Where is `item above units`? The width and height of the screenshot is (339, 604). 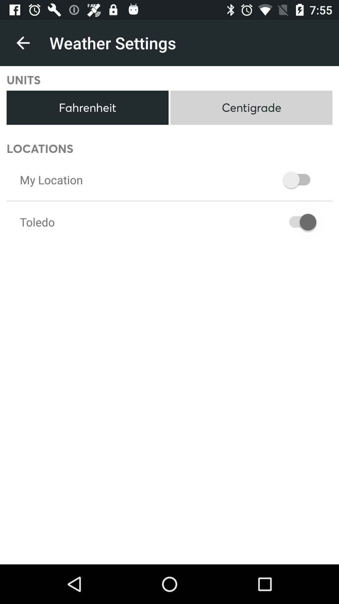 item above units is located at coordinates (23, 42).